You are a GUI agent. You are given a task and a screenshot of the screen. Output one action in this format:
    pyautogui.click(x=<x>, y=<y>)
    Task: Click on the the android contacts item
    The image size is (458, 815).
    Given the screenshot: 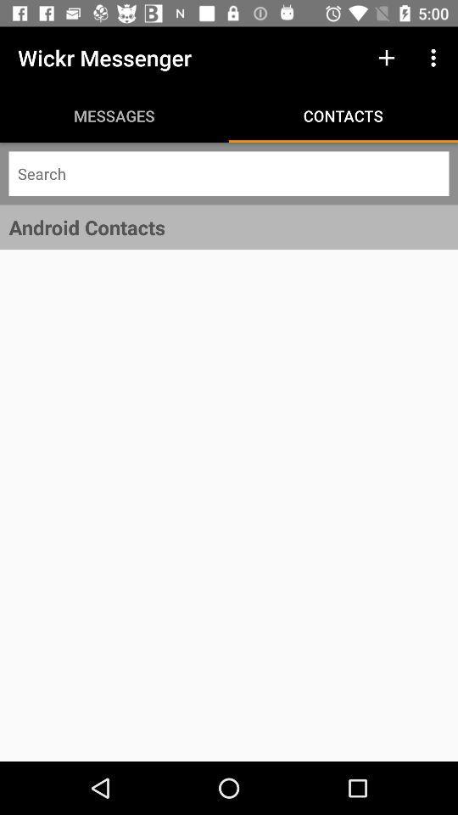 What is the action you would take?
    pyautogui.click(x=229, y=226)
    